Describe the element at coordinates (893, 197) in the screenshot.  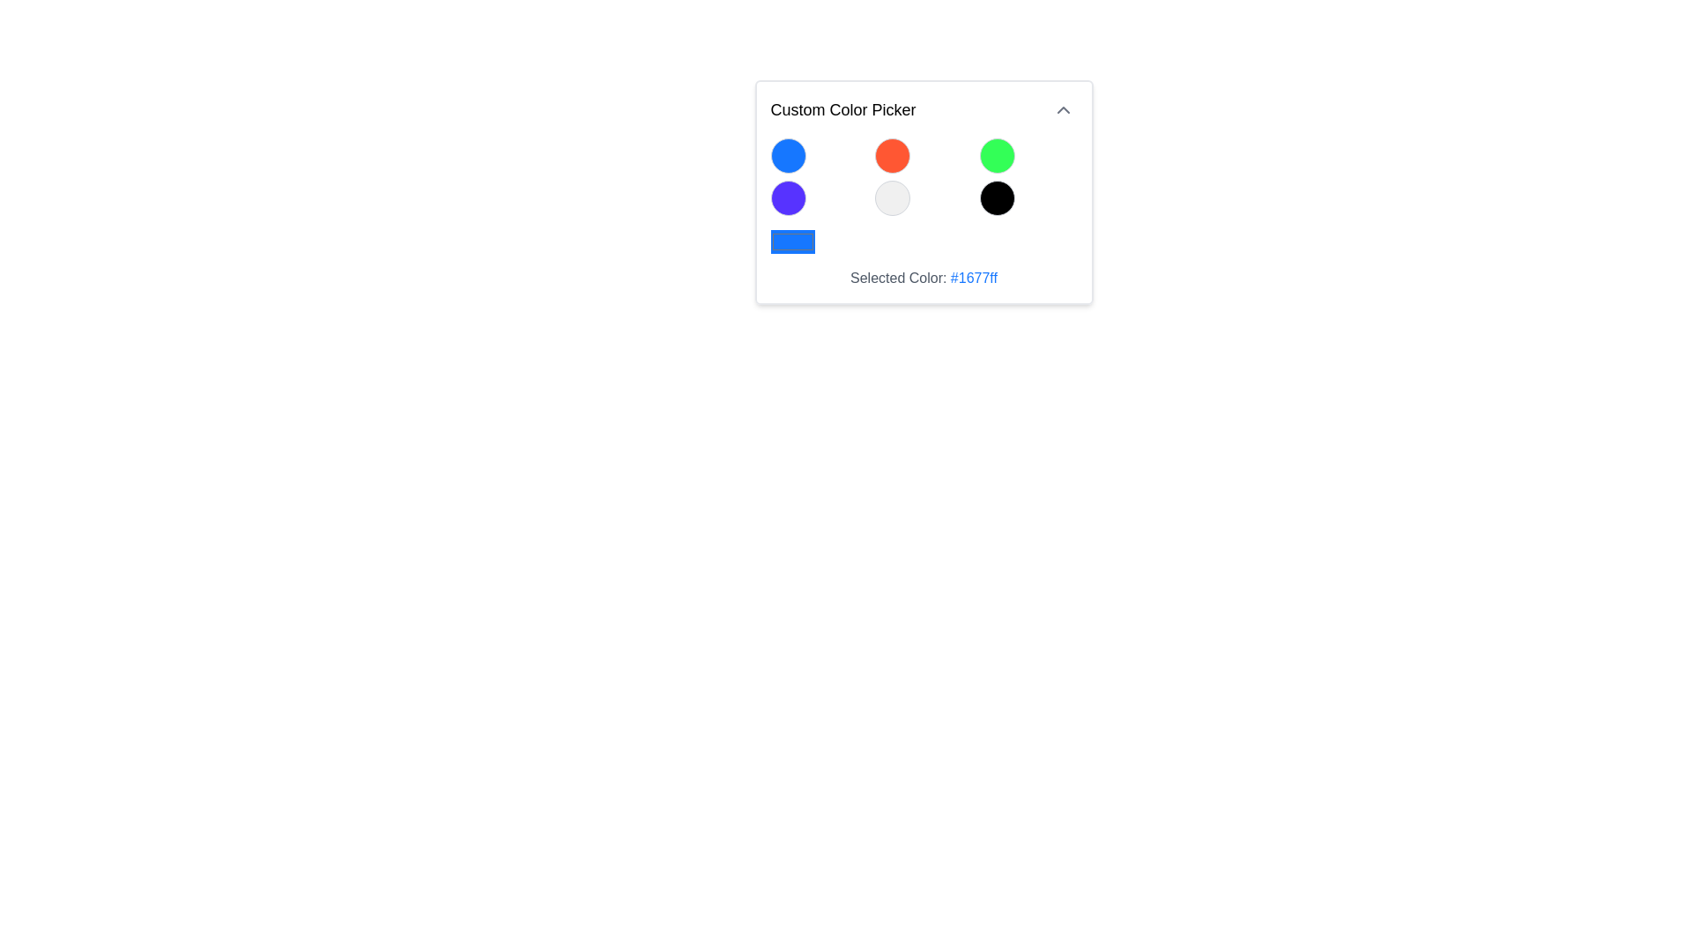
I see `the Interactive Color Selection Circle located in the second row and the middle column of the color picker UI` at that location.